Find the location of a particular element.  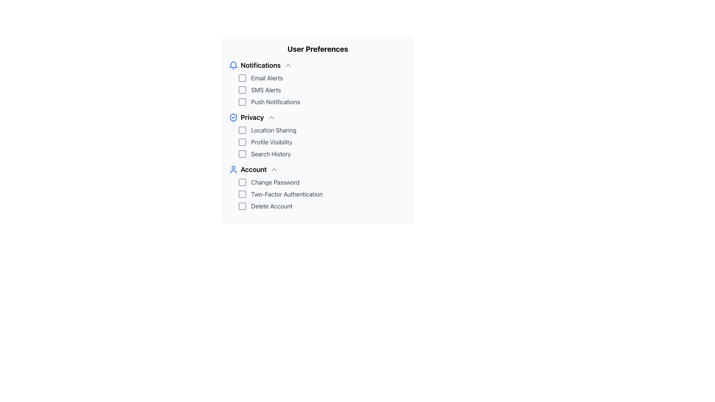

the toggle button icon located to the right of the 'Privacy' label in the 'User Preferences' panel is located at coordinates (271, 117).